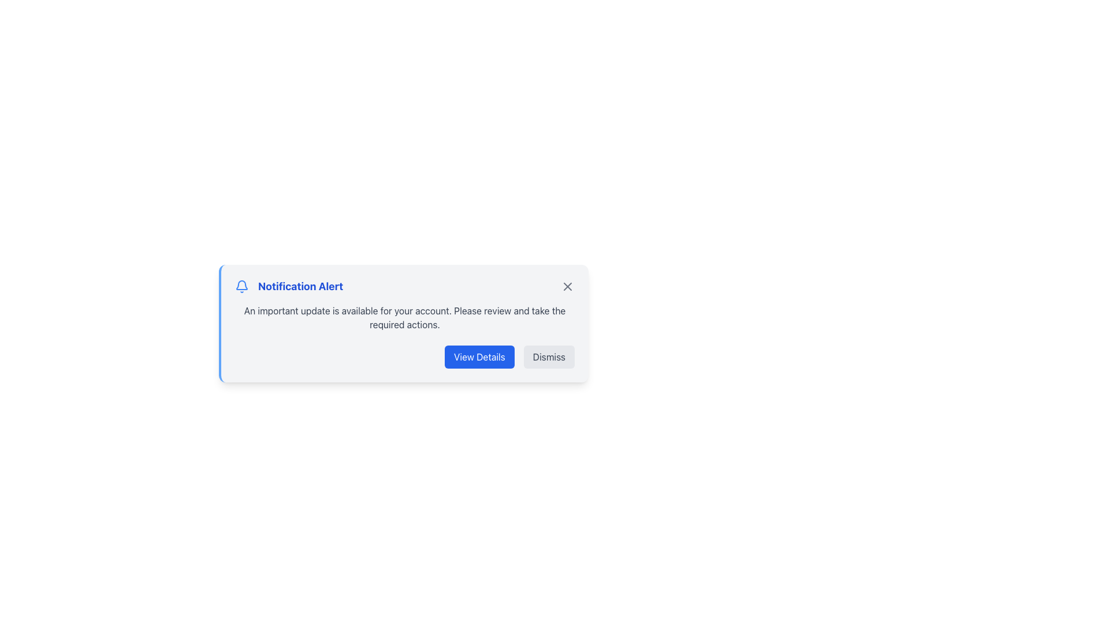  Describe the element at coordinates (289, 286) in the screenshot. I see `the 'Notification Alert' text label, which is located inside the notification box and is horizontally centered next to the bell icon` at that location.